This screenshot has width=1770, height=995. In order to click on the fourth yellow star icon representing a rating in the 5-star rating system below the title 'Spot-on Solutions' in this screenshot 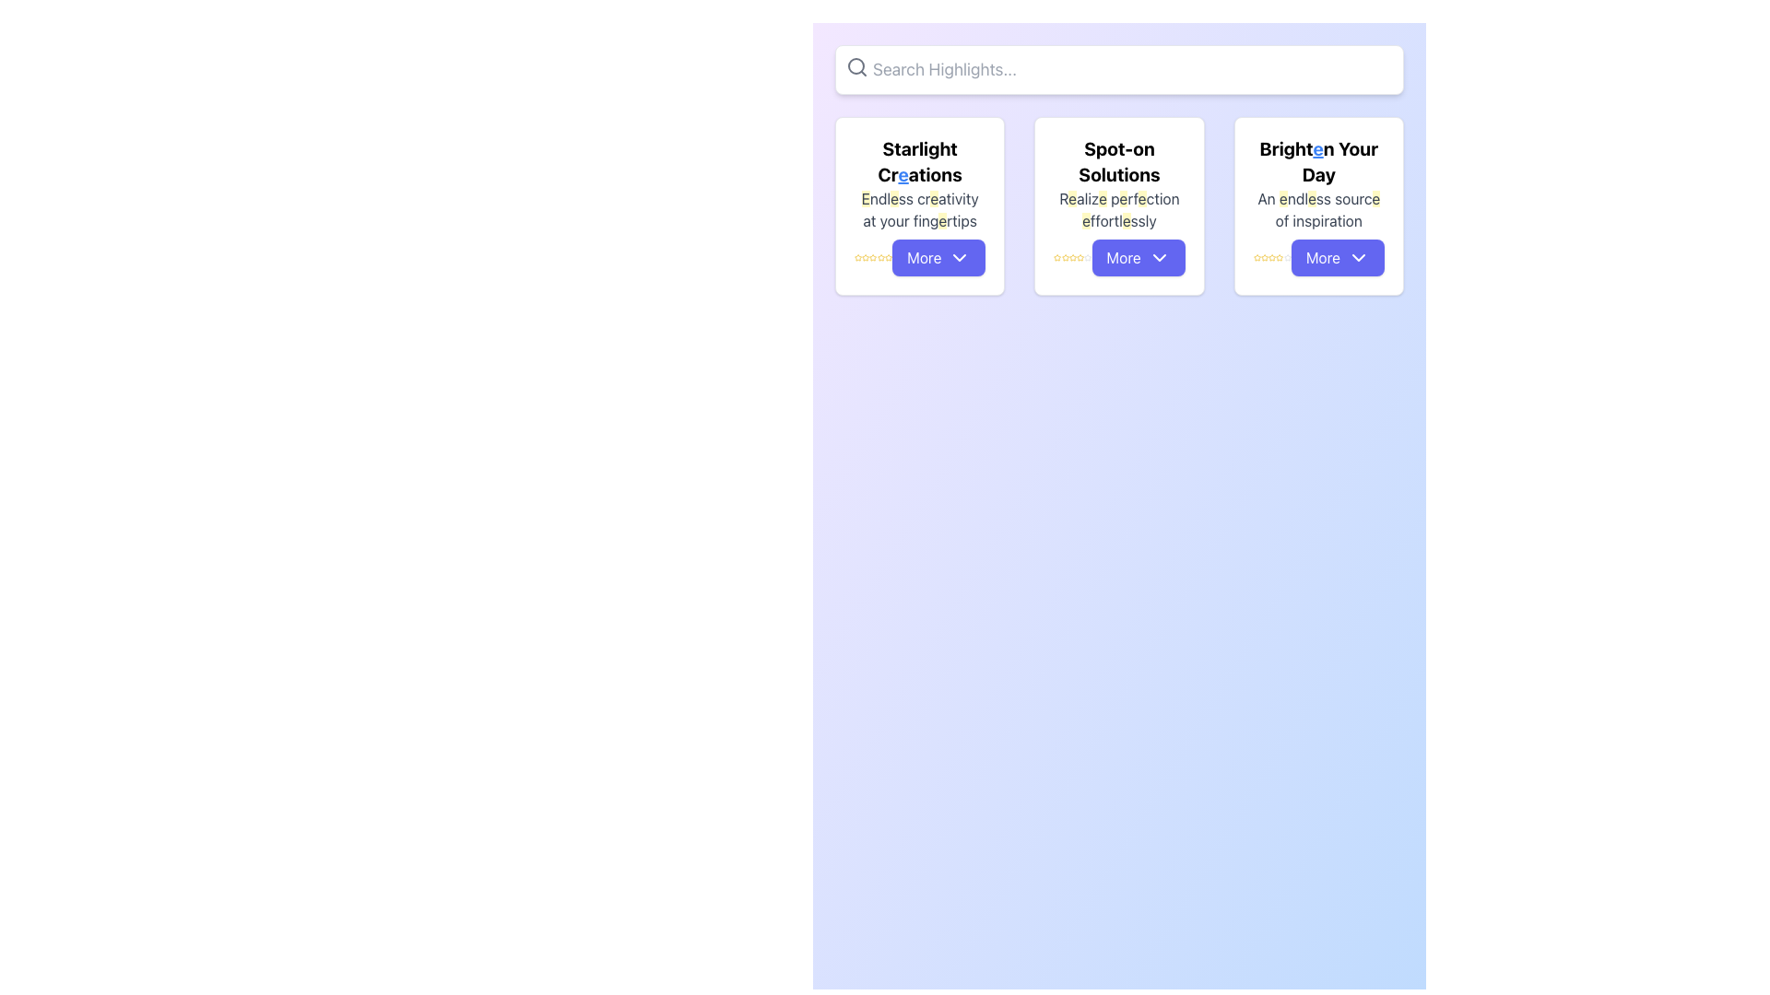, I will do `click(1072, 258)`.